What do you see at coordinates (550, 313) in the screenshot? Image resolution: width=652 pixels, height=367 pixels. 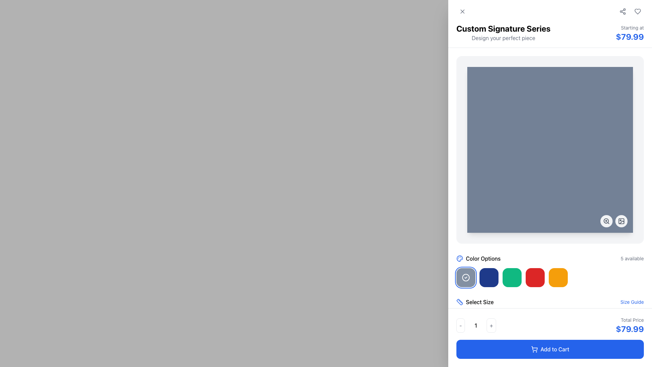 I see `the size option in the 'Select Size' section` at bounding box center [550, 313].